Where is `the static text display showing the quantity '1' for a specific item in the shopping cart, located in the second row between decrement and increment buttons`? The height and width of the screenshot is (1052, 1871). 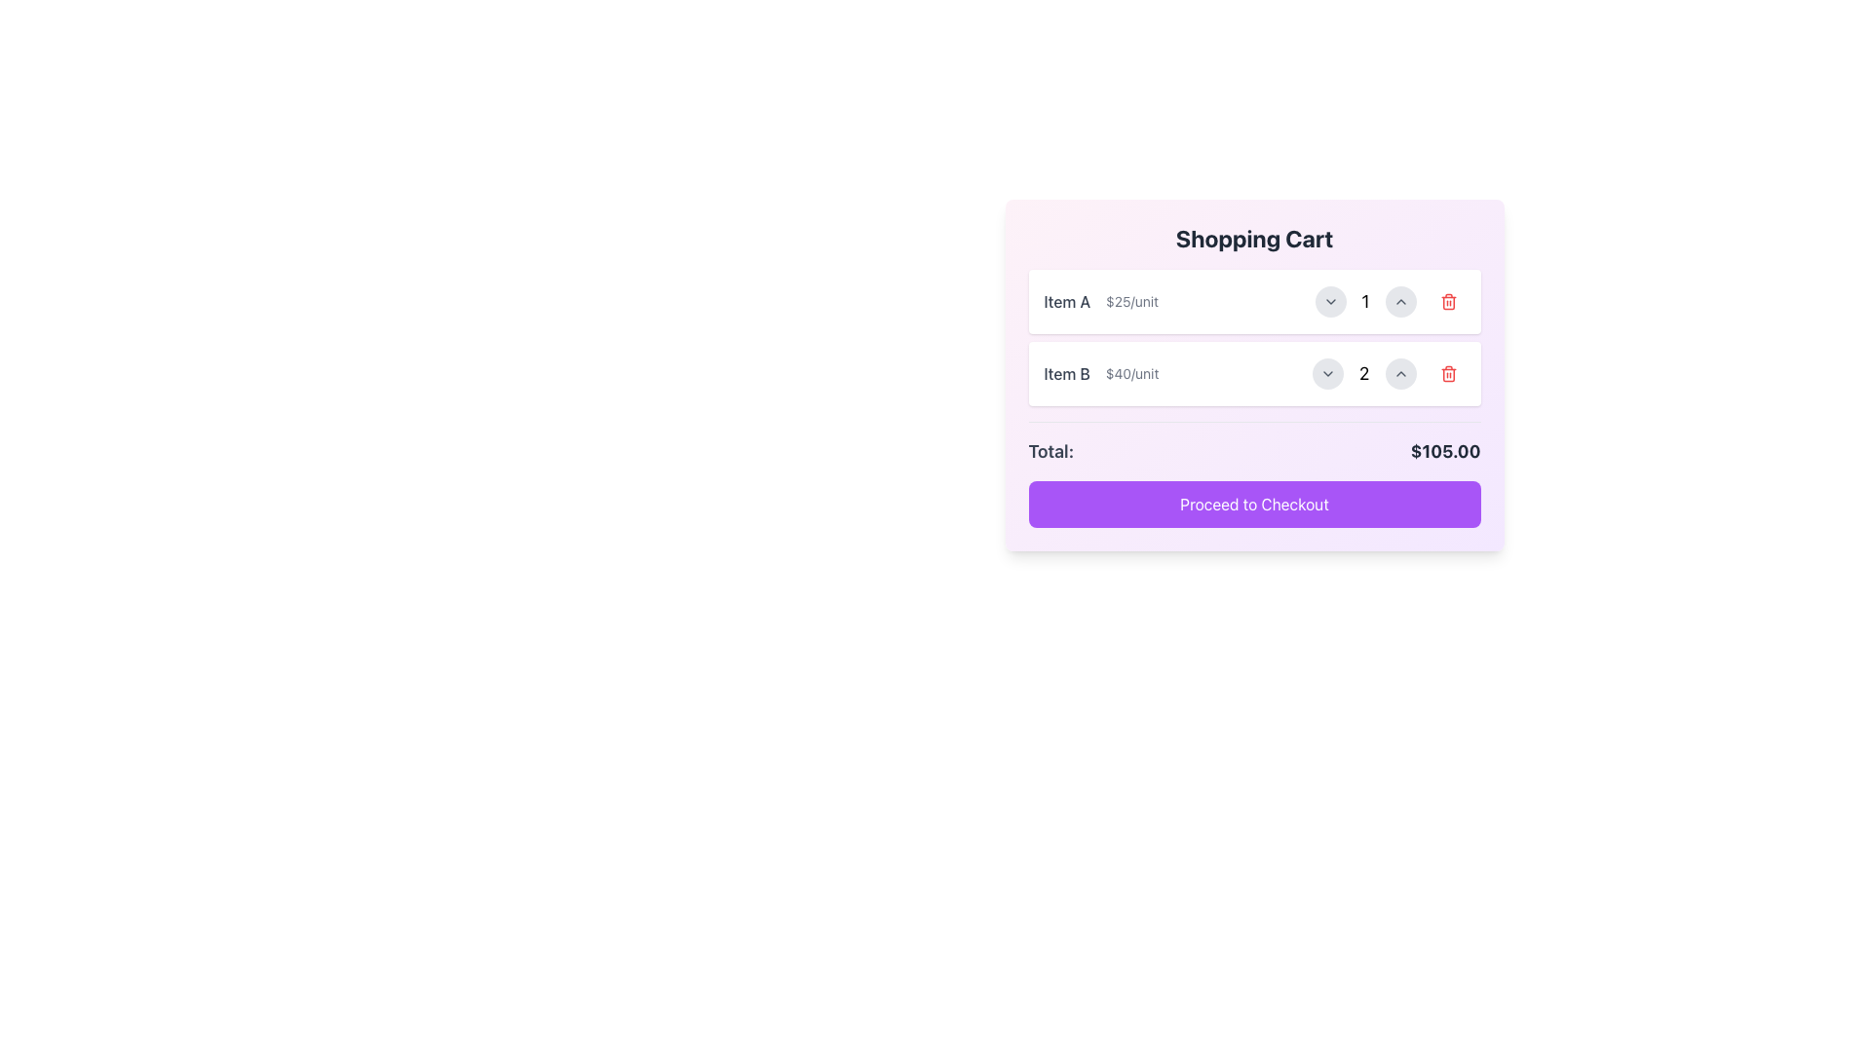
the static text display showing the quantity '1' for a specific item in the shopping cart, located in the second row between decrement and increment buttons is located at coordinates (1364, 301).